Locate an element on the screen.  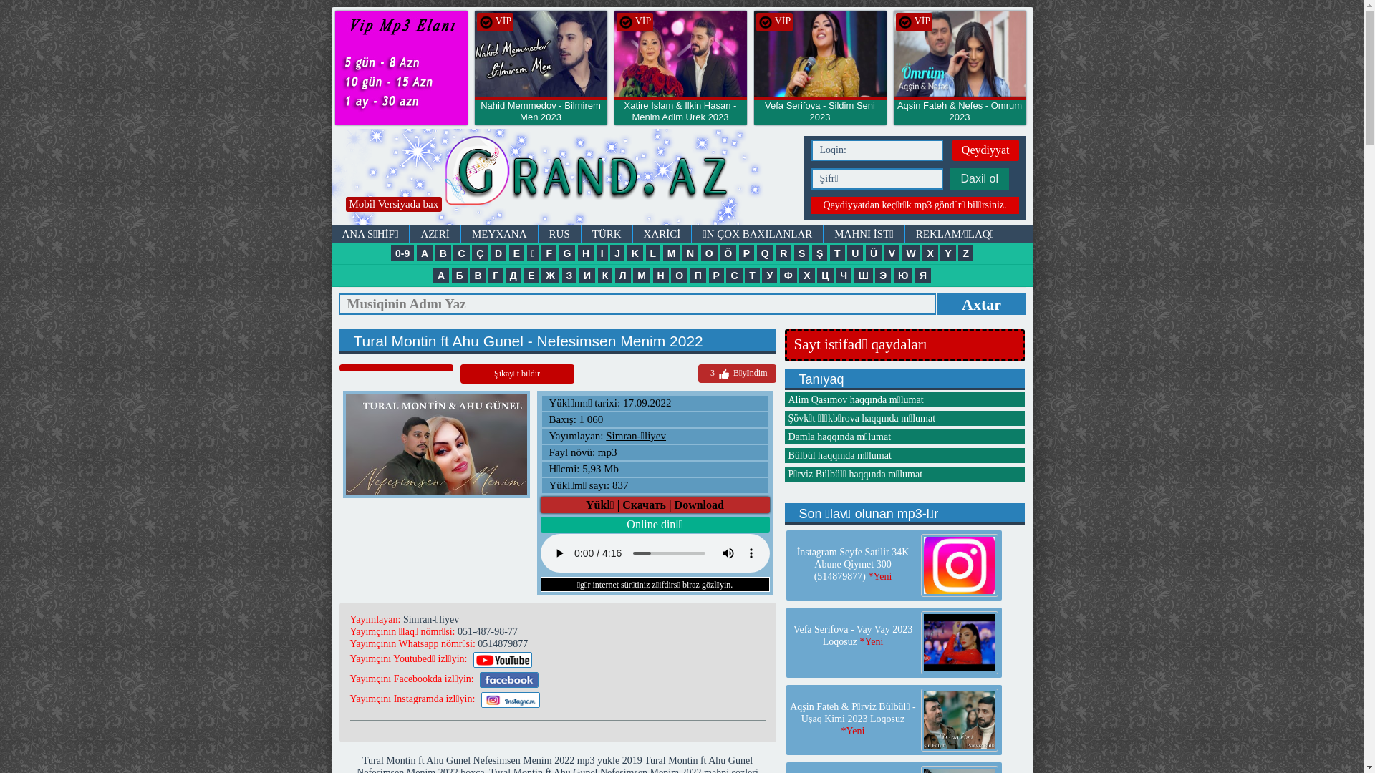
'RUS' is located at coordinates (559, 233).